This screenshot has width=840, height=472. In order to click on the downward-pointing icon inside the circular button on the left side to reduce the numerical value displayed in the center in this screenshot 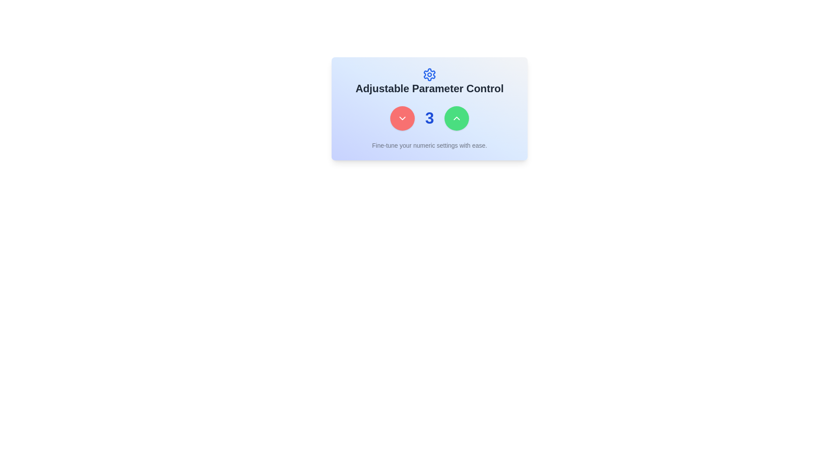, I will do `click(402, 118)`.